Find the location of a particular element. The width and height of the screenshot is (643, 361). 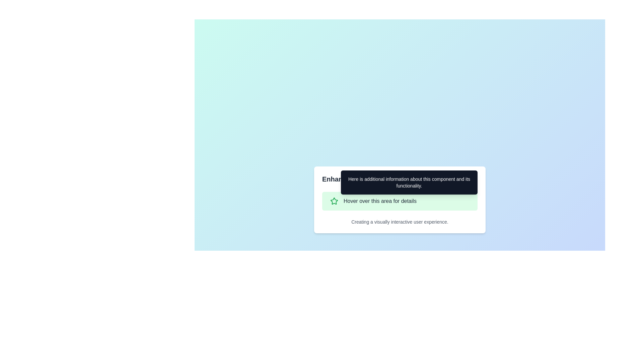

the gear-shaped icon located to the far right of the 'Enhanced Tooltip Widget' text, which is styled in a minimalist outline format with a gray color is located at coordinates (473, 179).